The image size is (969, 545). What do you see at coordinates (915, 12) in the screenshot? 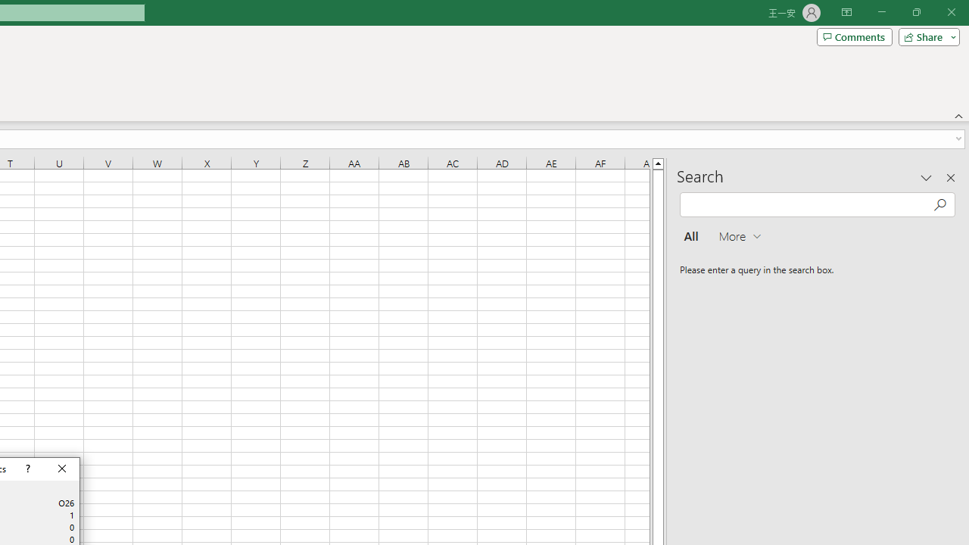
I see `'Restore Down'` at bounding box center [915, 12].